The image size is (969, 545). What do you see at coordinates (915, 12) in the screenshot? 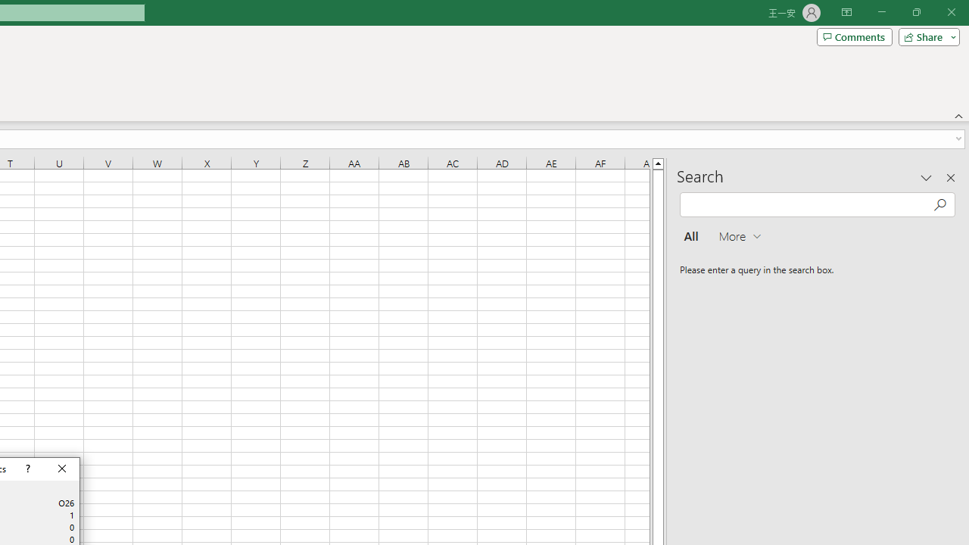
I see `'Restore Down'` at bounding box center [915, 12].